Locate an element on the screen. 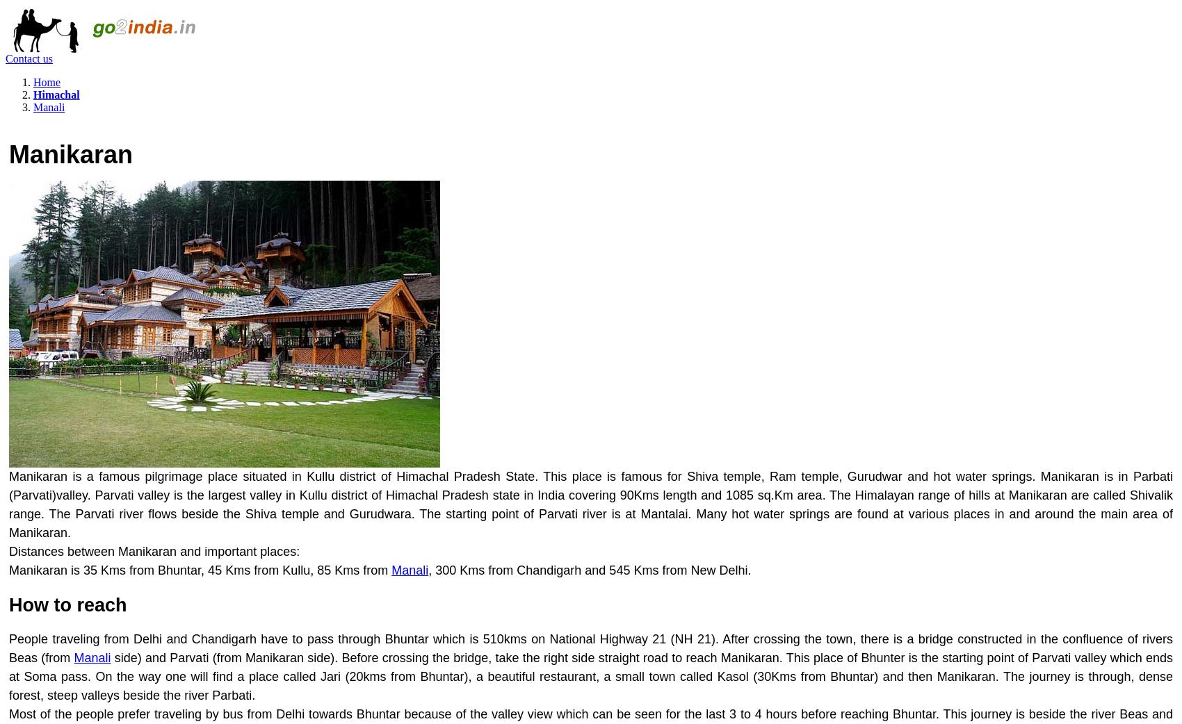 The height and width of the screenshot is (724, 1182). 'How to reach' is located at coordinates (67, 603).